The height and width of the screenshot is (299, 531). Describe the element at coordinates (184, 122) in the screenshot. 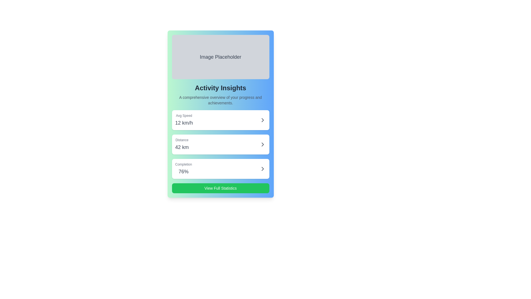

I see `the static text display showing '12 km/h' within the 'Avg Speed' section` at that location.